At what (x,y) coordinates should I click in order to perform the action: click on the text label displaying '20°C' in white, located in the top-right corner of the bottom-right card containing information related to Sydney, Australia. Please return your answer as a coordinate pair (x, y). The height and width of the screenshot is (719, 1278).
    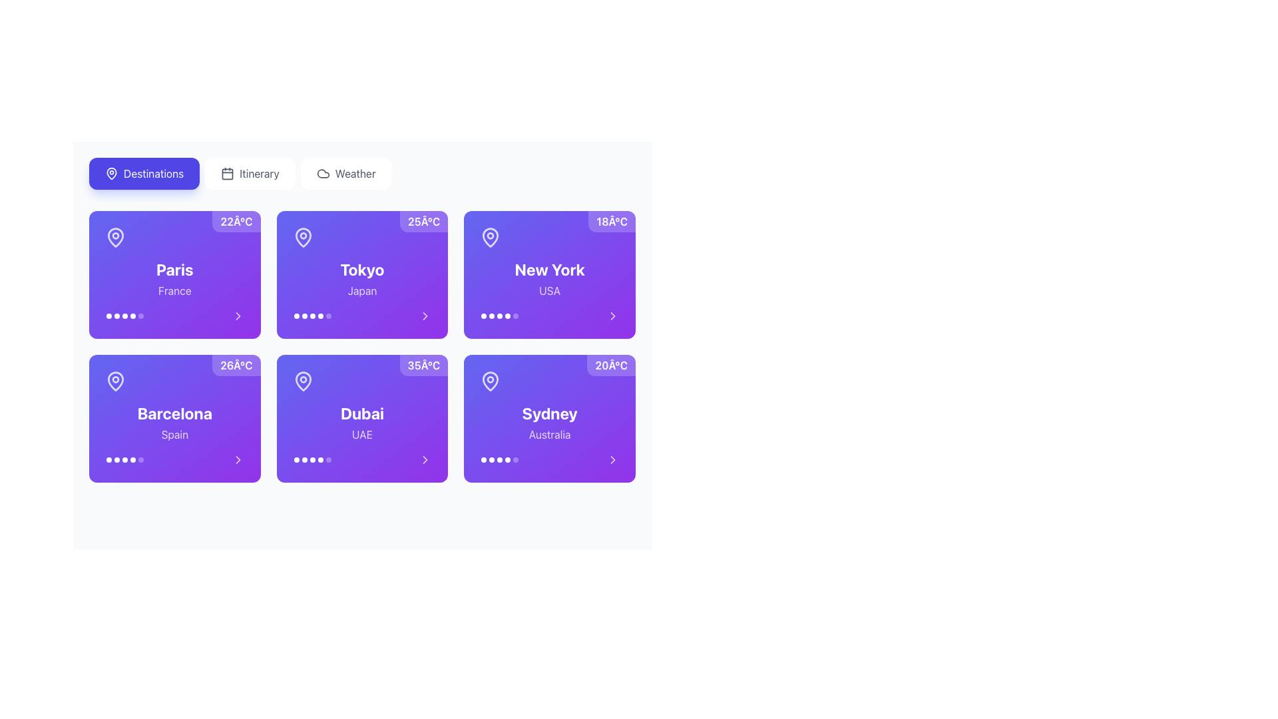
    Looking at the image, I should click on (610, 365).